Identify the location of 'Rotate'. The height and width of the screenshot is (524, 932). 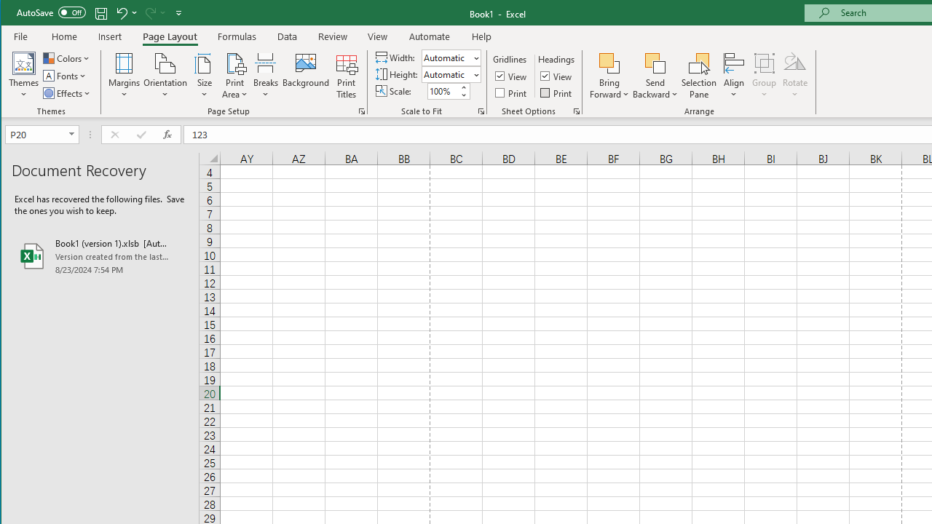
(794, 76).